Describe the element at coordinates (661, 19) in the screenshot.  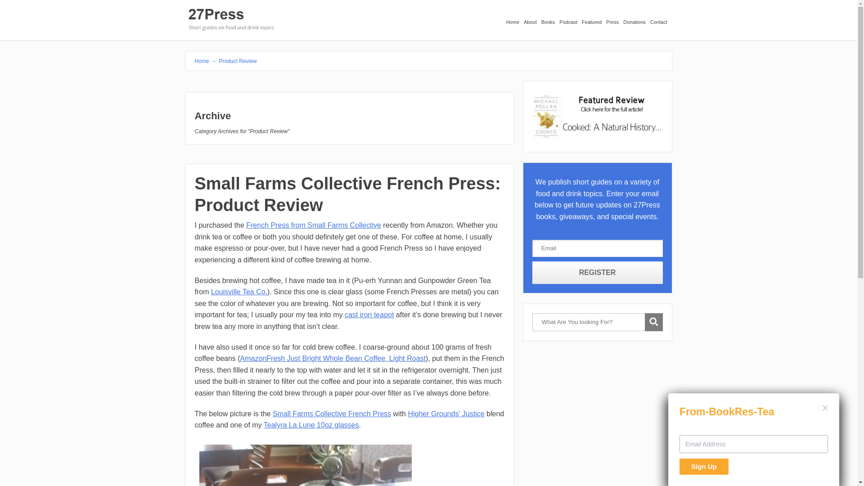
I see `'Contact'` at that location.